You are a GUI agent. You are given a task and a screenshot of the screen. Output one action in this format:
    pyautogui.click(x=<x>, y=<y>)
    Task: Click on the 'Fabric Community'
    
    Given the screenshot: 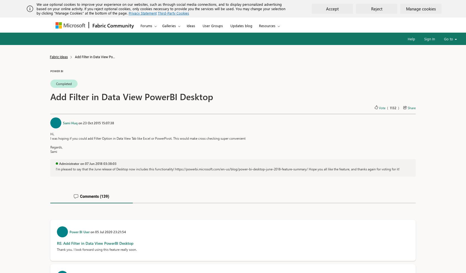 What is the action you would take?
    pyautogui.click(x=113, y=25)
    